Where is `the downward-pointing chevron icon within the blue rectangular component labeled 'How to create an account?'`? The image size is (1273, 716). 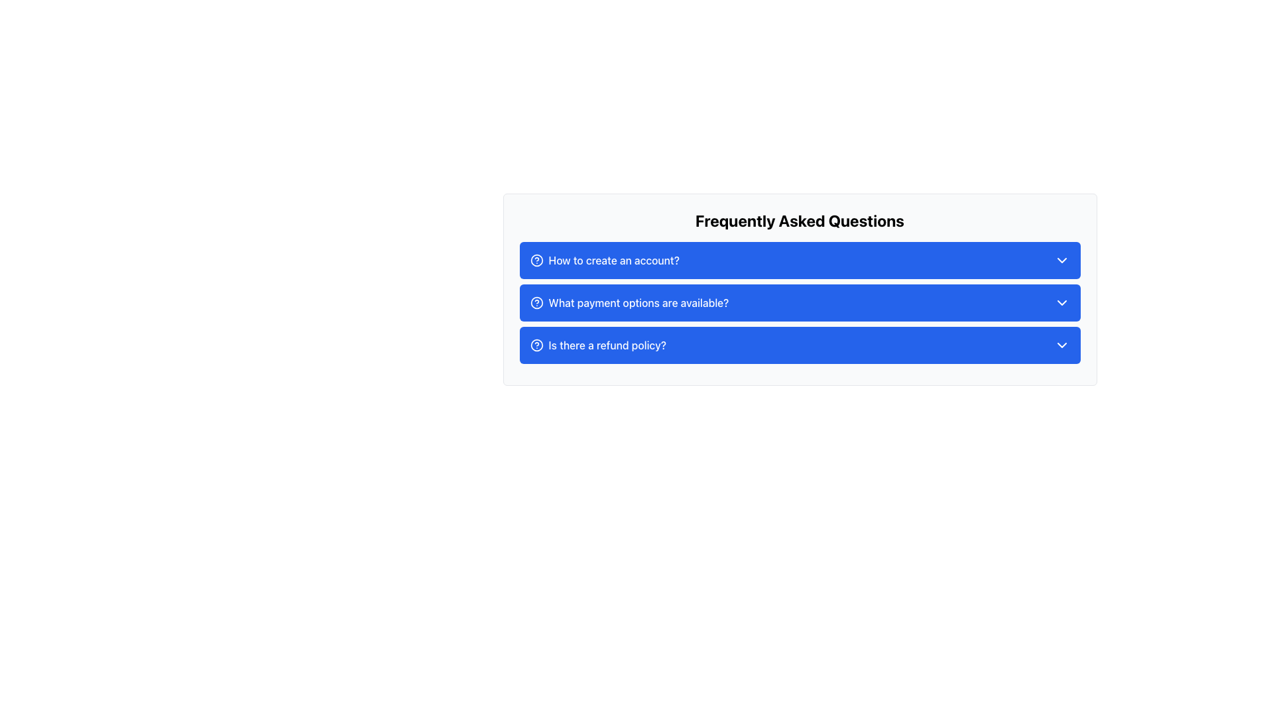 the downward-pointing chevron icon within the blue rectangular component labeled 'How to create an account?' is located at coordinates (1061, 261).